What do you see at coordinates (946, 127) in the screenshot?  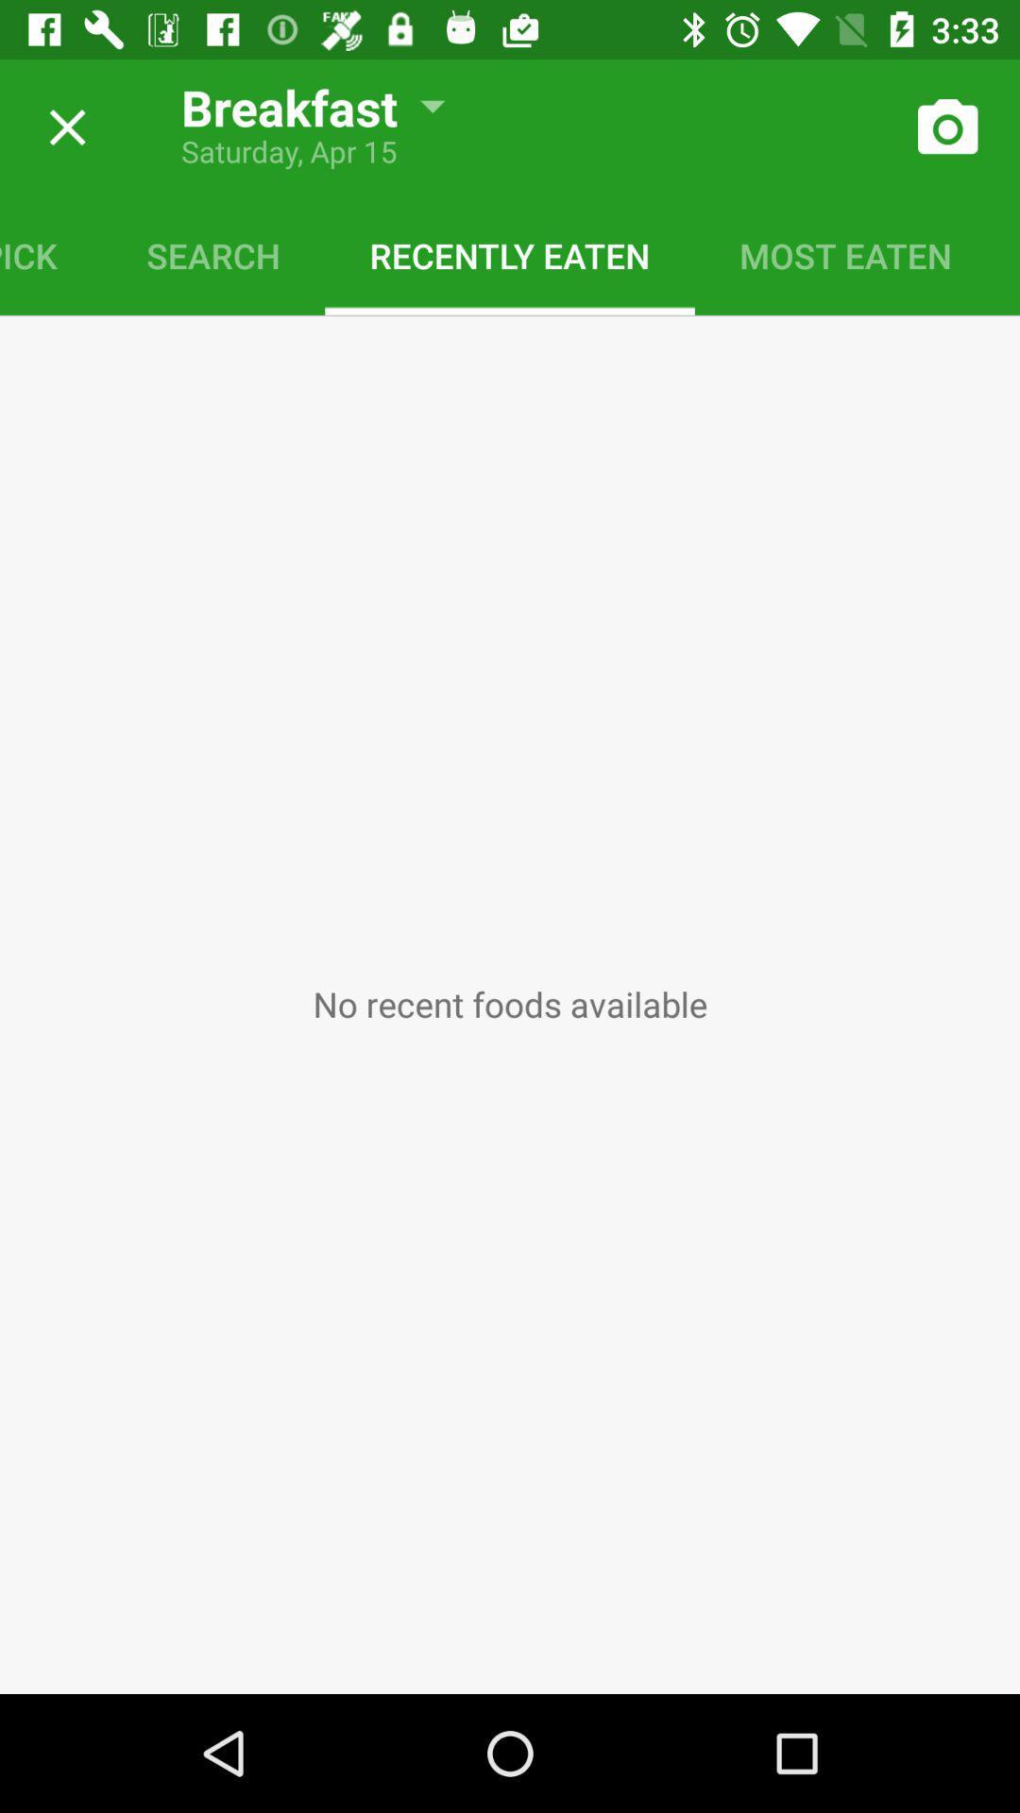 I see `take photo` at bounding box center [946, 127].